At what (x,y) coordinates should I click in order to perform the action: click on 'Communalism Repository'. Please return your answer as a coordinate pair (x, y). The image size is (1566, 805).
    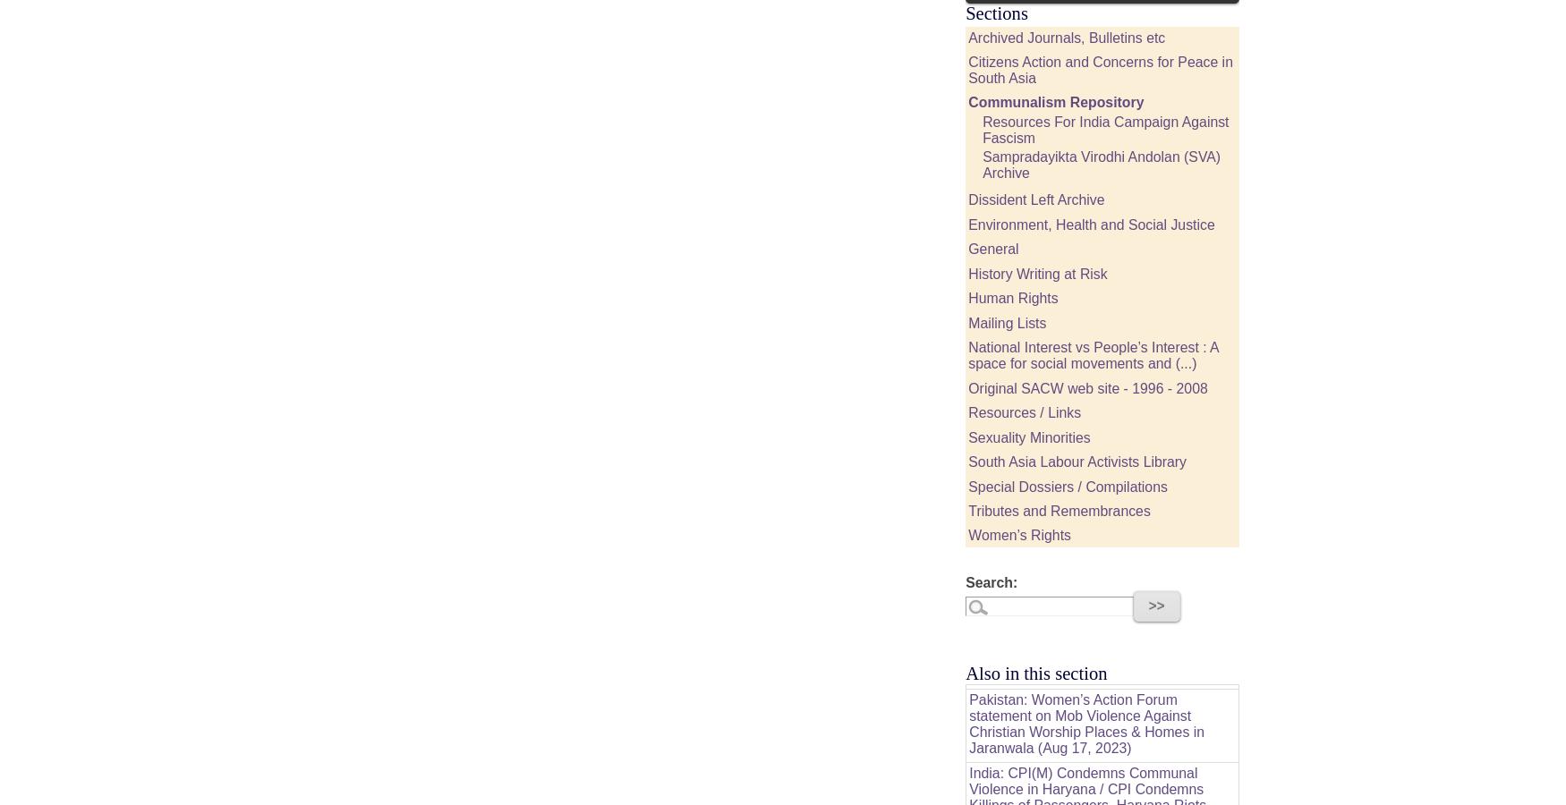
    Looking at the image, I should click on (1055, 102).